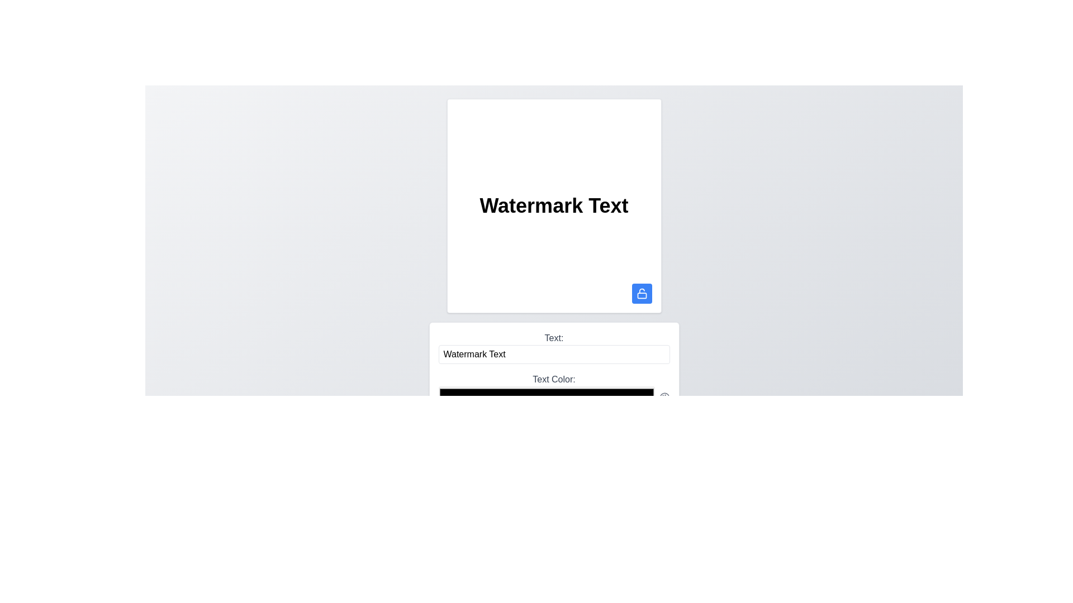 This screenshot has height=603, width=1073. What do you see at coordinates (642, 293) in the screenshot?
I see `the open lock icon, which is positioned in the bottom-right corner of a blue, rounded, square button, indicating an unlocked state` at bounding box center [642, 293].